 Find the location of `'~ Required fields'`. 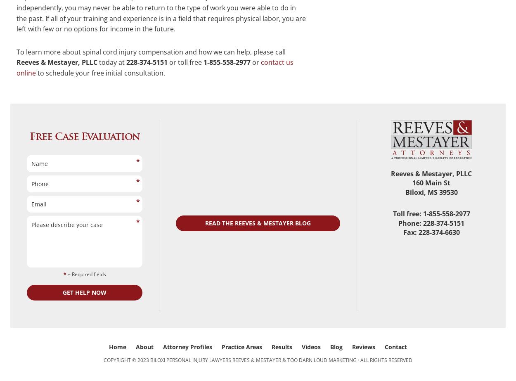

'~ Required fields' is located at coordinates (85, 274).